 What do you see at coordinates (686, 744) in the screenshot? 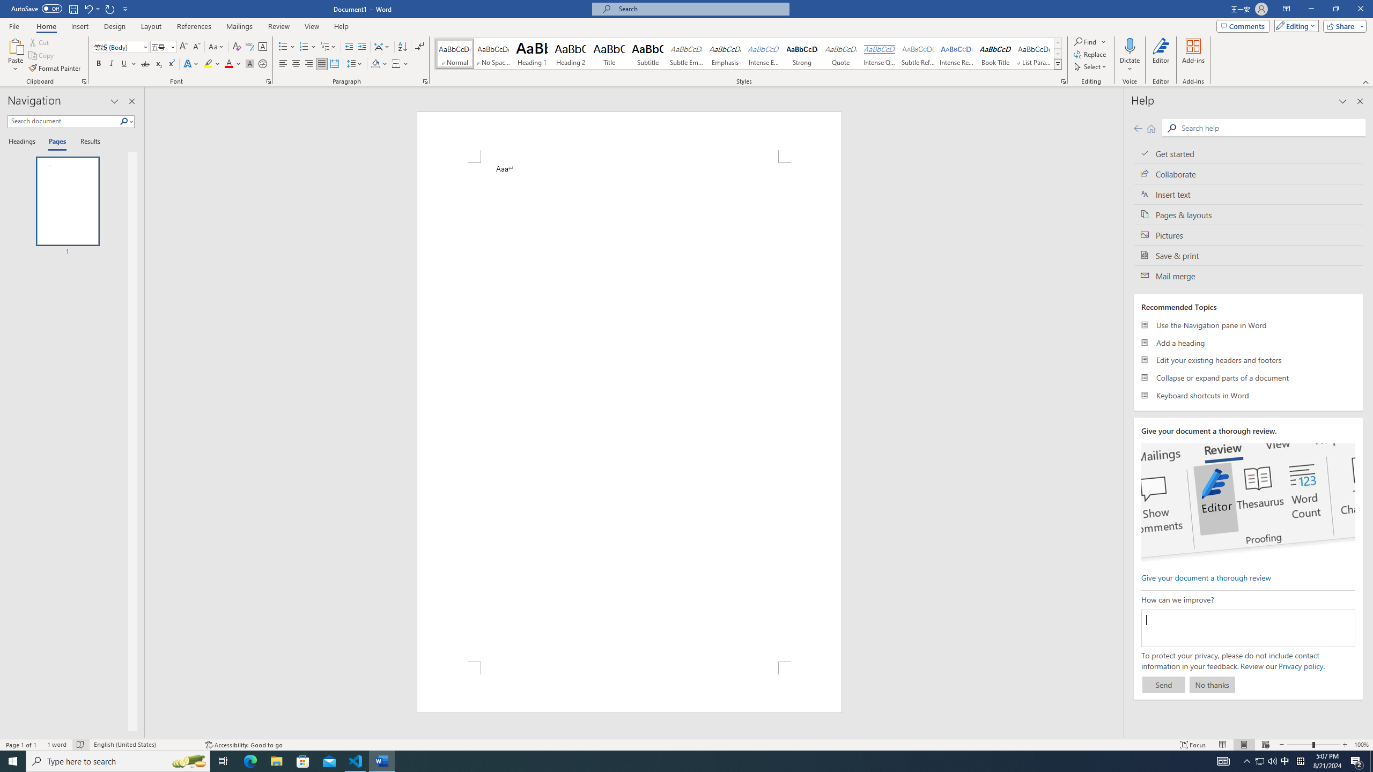
I see `'Class: MsoCommandBar'` at bounding box center [686, 744].